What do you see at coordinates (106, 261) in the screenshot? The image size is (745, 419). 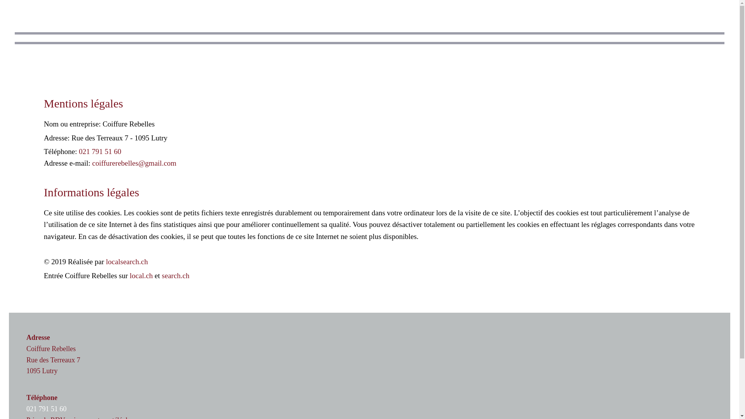 I see `'localsearch.ch'` at bounding box center [106, 261].